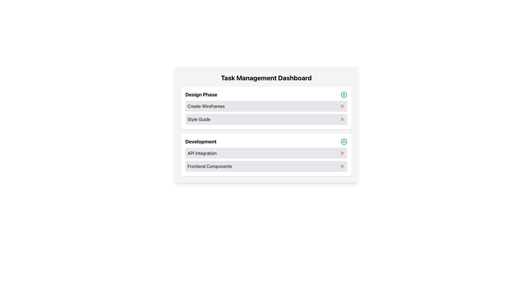 The width and height of the screenshot is (525, 295). Describe the element at coordinates (343, 141) in the screenshot. I see `the decorative circle icon for the 'Add' or 'Modify' action in the 'Development' section of the dashboard` at that location.